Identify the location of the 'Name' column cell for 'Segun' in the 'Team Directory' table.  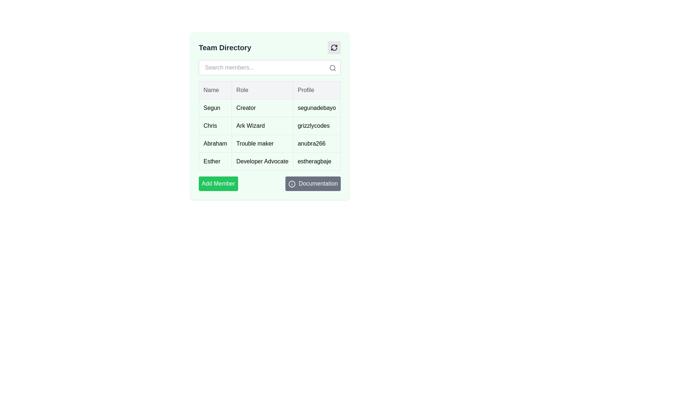
(215, 108).